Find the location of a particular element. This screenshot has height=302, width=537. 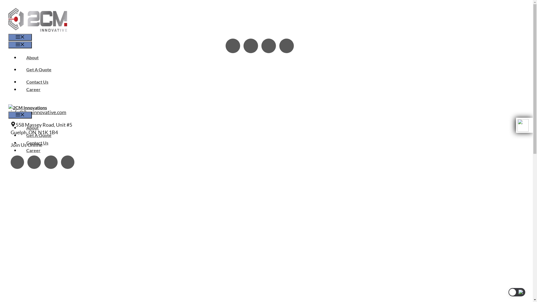

'YouTube' is located at coordinates (268, 46).